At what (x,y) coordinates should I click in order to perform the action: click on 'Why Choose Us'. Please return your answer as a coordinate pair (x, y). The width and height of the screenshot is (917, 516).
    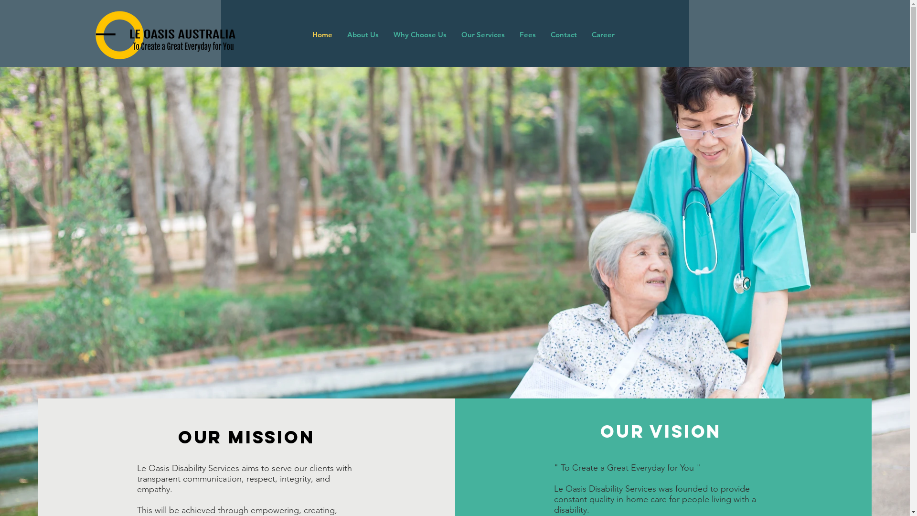
    Looking at the image, I should click on (419, 34).